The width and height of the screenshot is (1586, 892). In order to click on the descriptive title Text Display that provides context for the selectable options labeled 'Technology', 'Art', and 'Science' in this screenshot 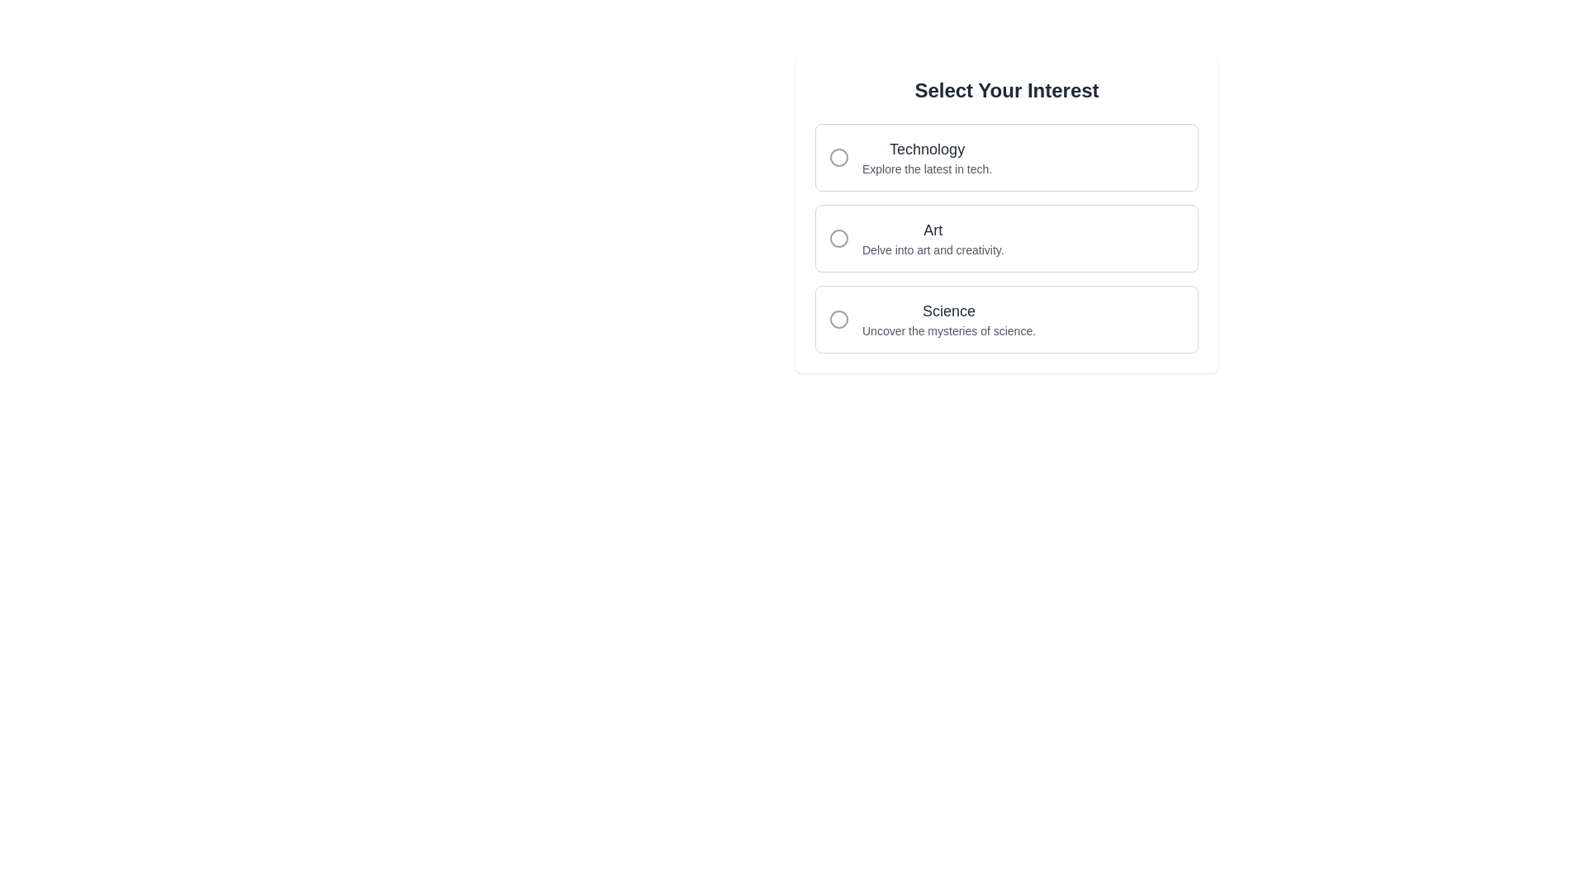, I will do `click(1006, 91)`.